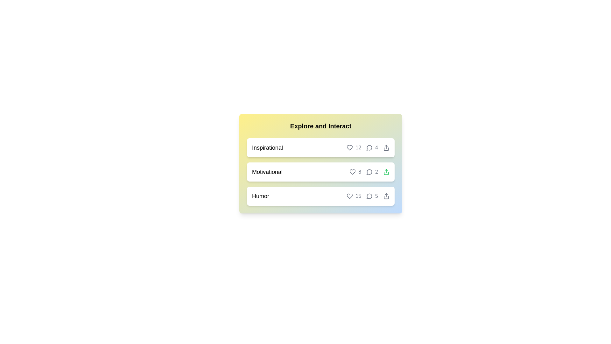 This screenshot has width=611, height=344. Describe the element at coordinates (355, 172) in the screenshot. I see `'like' button for the chip labeled 'Motivational'` at that location.